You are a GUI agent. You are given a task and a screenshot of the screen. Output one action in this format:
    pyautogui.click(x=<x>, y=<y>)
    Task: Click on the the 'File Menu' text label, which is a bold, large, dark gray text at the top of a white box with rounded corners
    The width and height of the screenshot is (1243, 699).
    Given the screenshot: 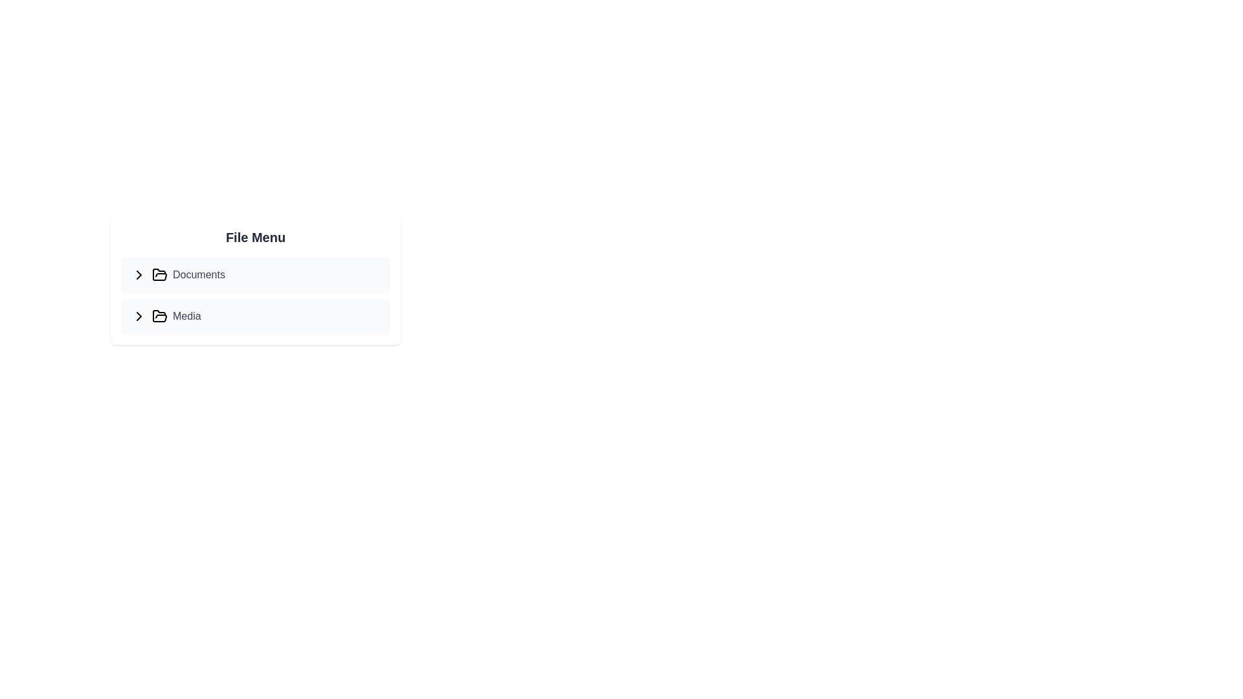 What is the action you would take?
    pyautogui.click(x=255, y=237)
    